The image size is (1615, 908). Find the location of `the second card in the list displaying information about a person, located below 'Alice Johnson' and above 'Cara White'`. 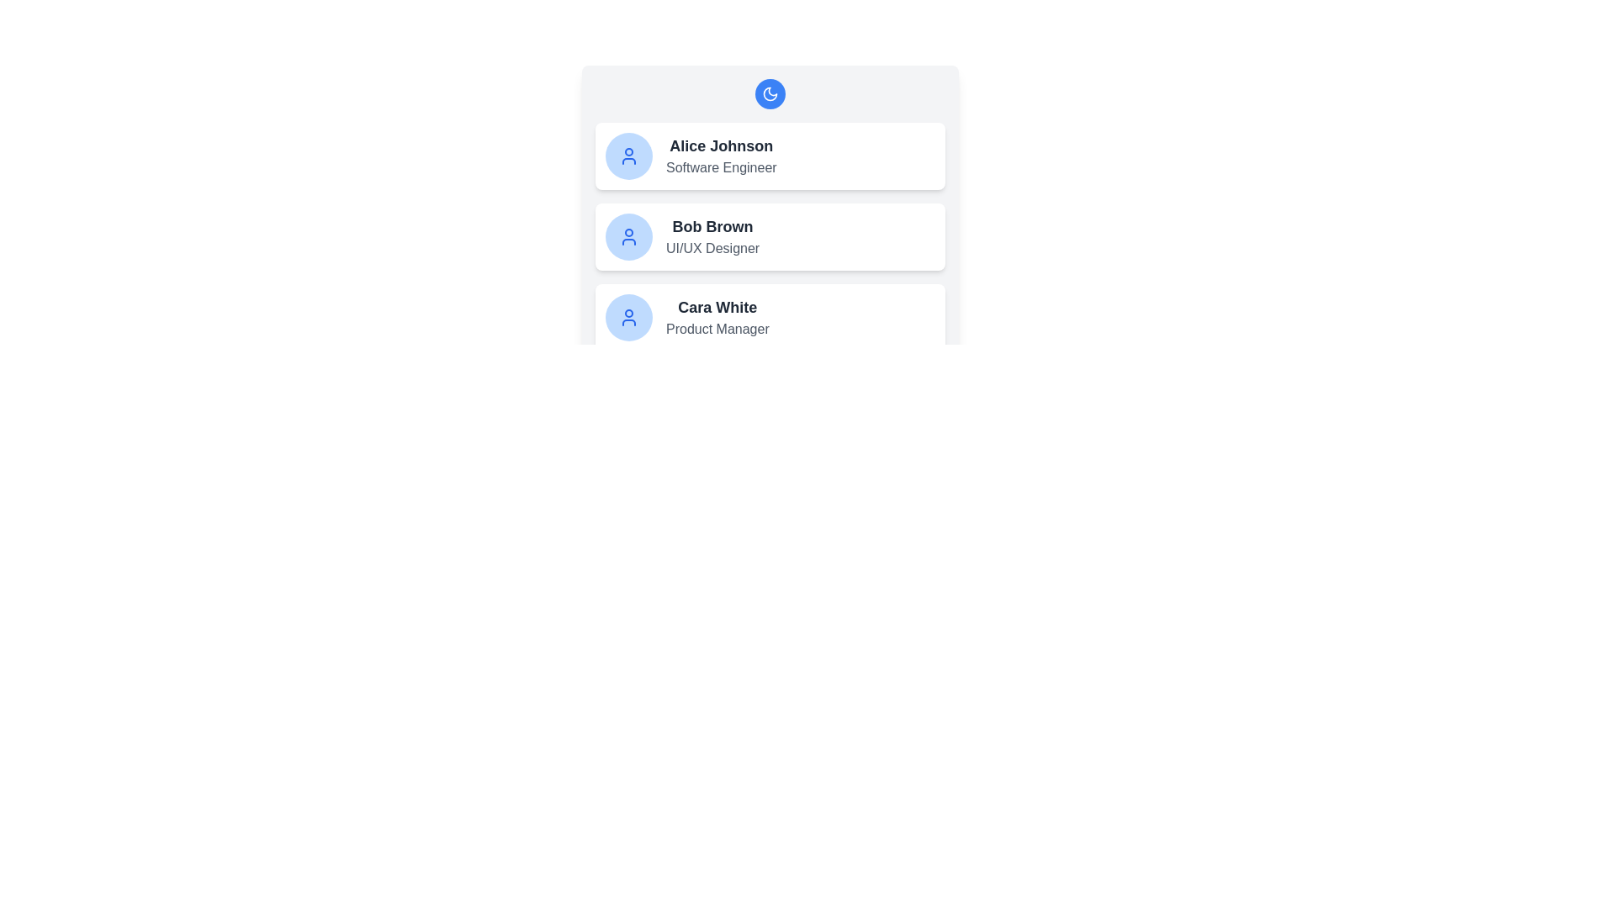

the second card in the list displaying information about a person, located below 'Alice Johnson' and above 'Cara White' is located at coordinates (770, 236).